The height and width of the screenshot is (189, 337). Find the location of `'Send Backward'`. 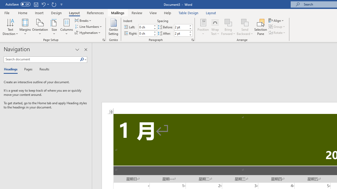

'Send Backward' is located at coordinates (245, 22).